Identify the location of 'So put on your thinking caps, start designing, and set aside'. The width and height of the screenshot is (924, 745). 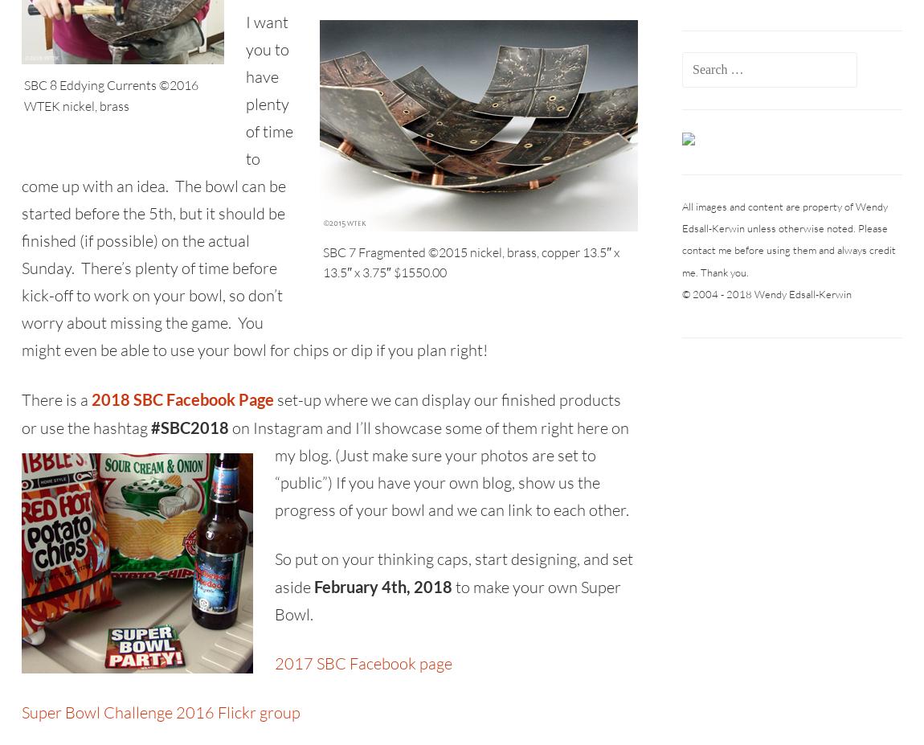
(453, 571).